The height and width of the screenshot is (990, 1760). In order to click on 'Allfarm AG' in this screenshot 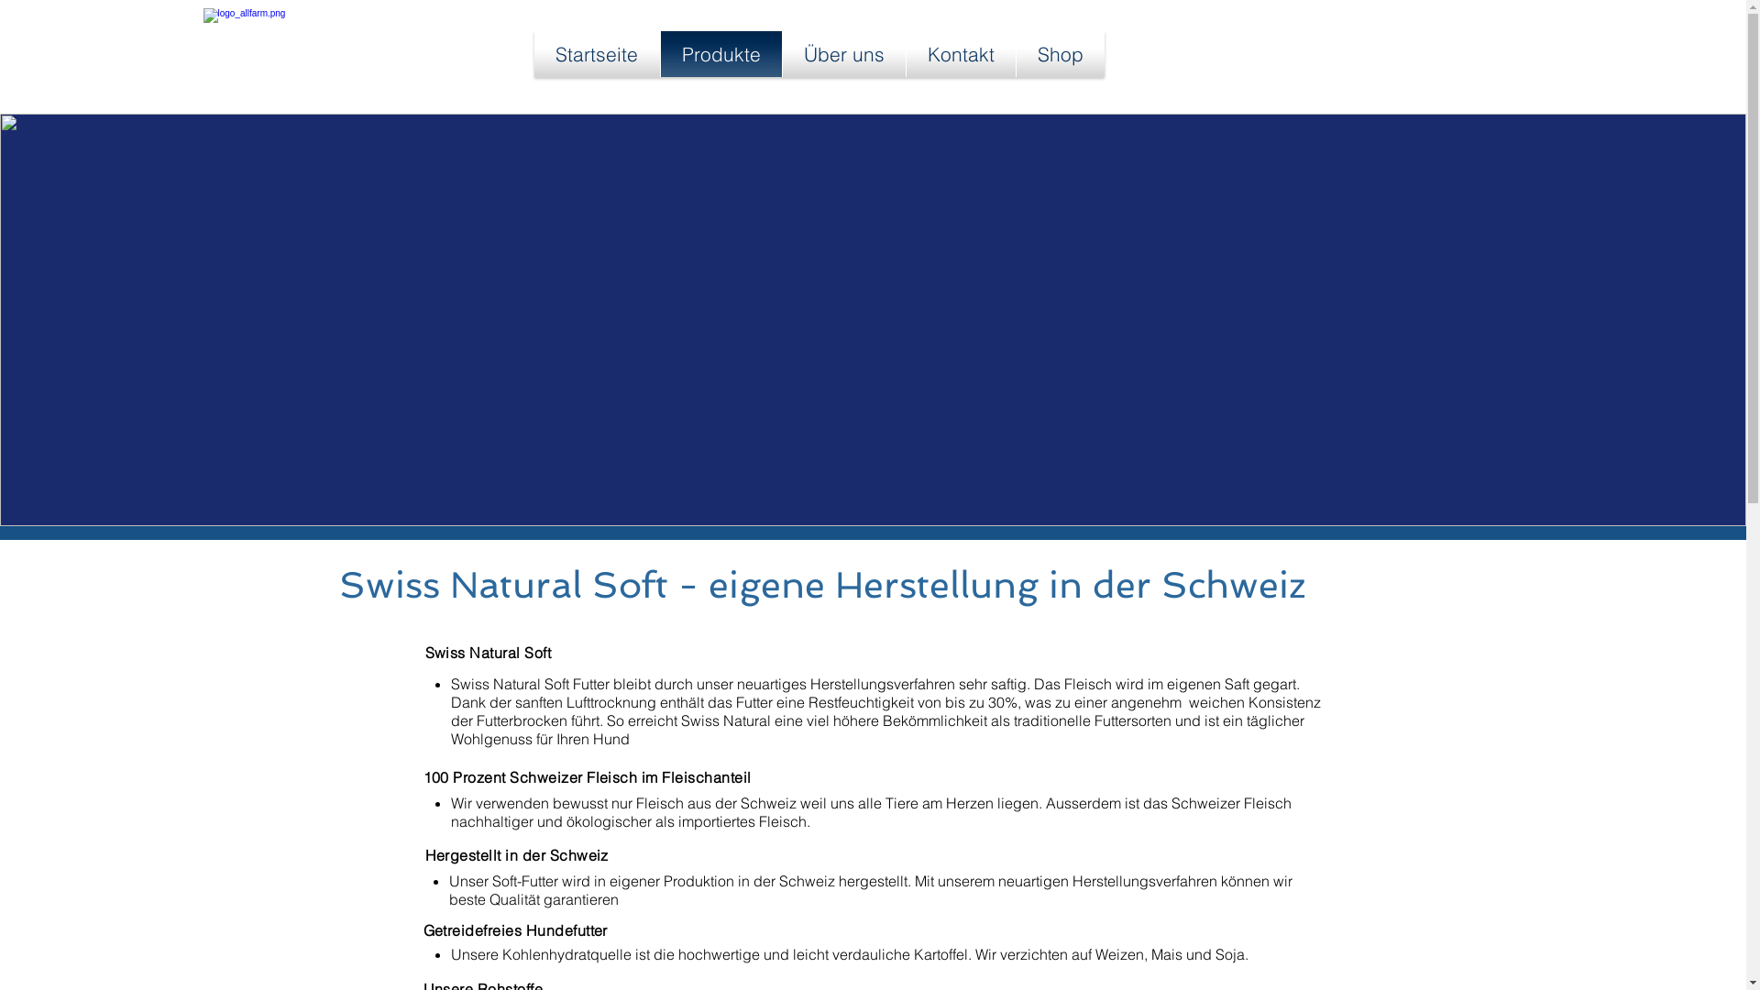, I will do `click(326, 52)`.